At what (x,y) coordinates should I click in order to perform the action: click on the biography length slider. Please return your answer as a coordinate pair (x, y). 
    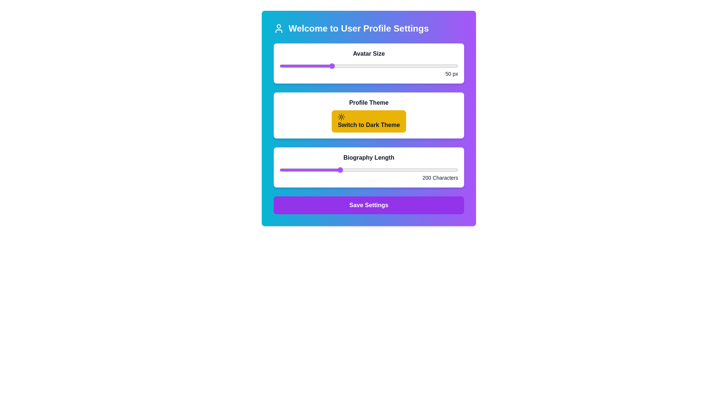
    Looking at the image, I should click on (423, 170).